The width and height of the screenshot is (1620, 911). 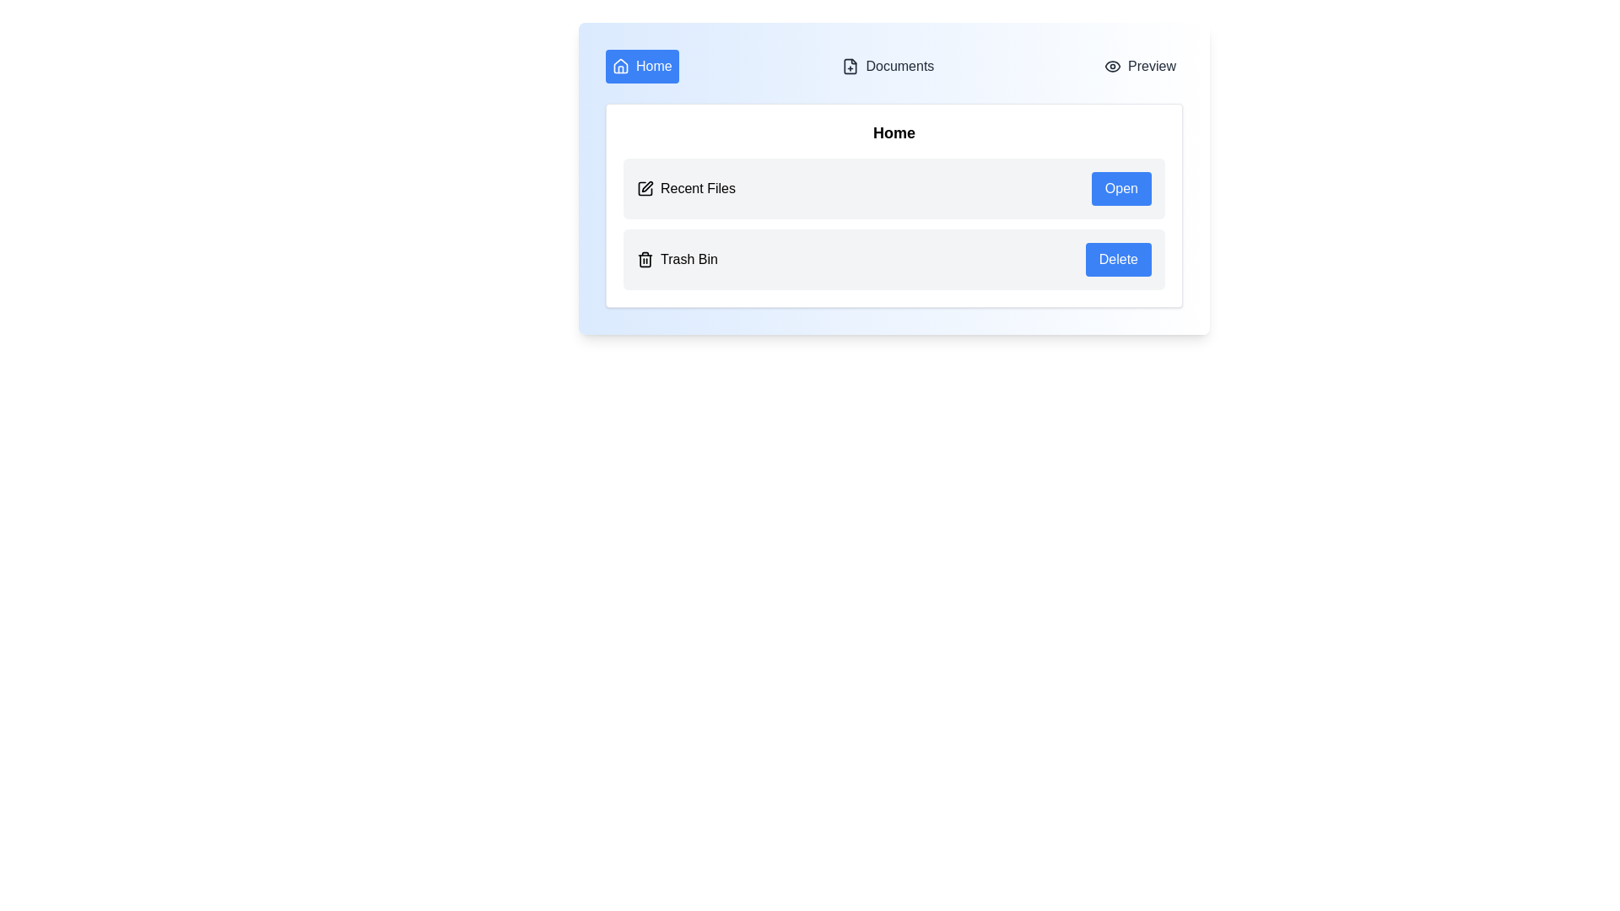 I want to click on the 'Preview' button with an eye icon located at the top-right corner of the interface, which is styled with rounded corners and changes background color to blue on hover, so click(x=1140, y=65).